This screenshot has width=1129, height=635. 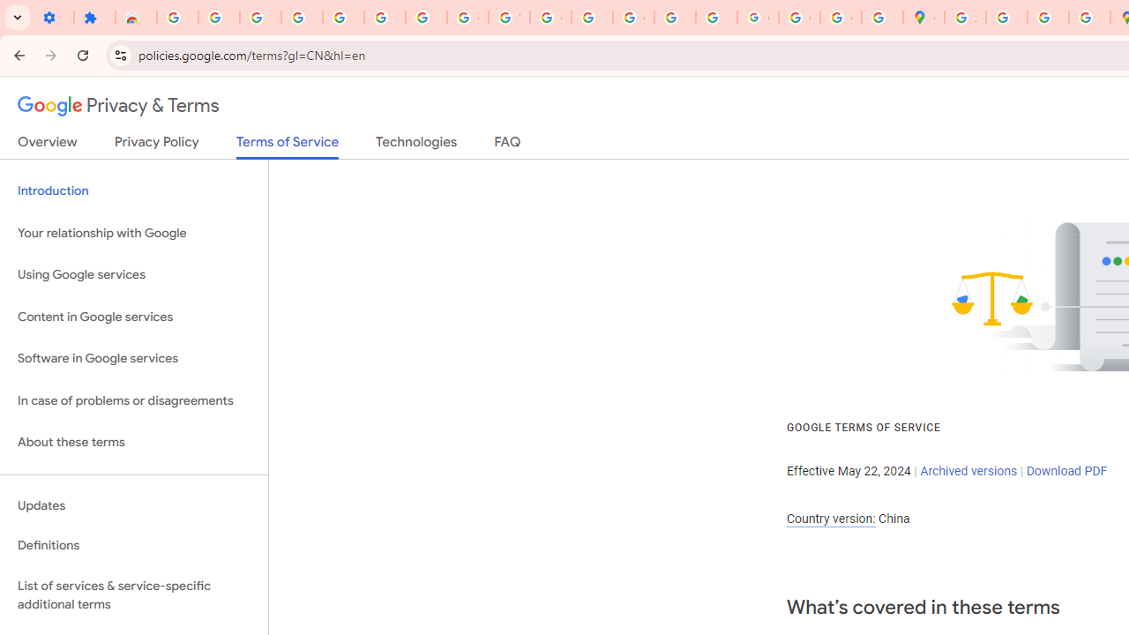 What do you see at coordinates (133, 275) in the screenshot?
I see `'Using Google services'` at bounding box center [133, 275].